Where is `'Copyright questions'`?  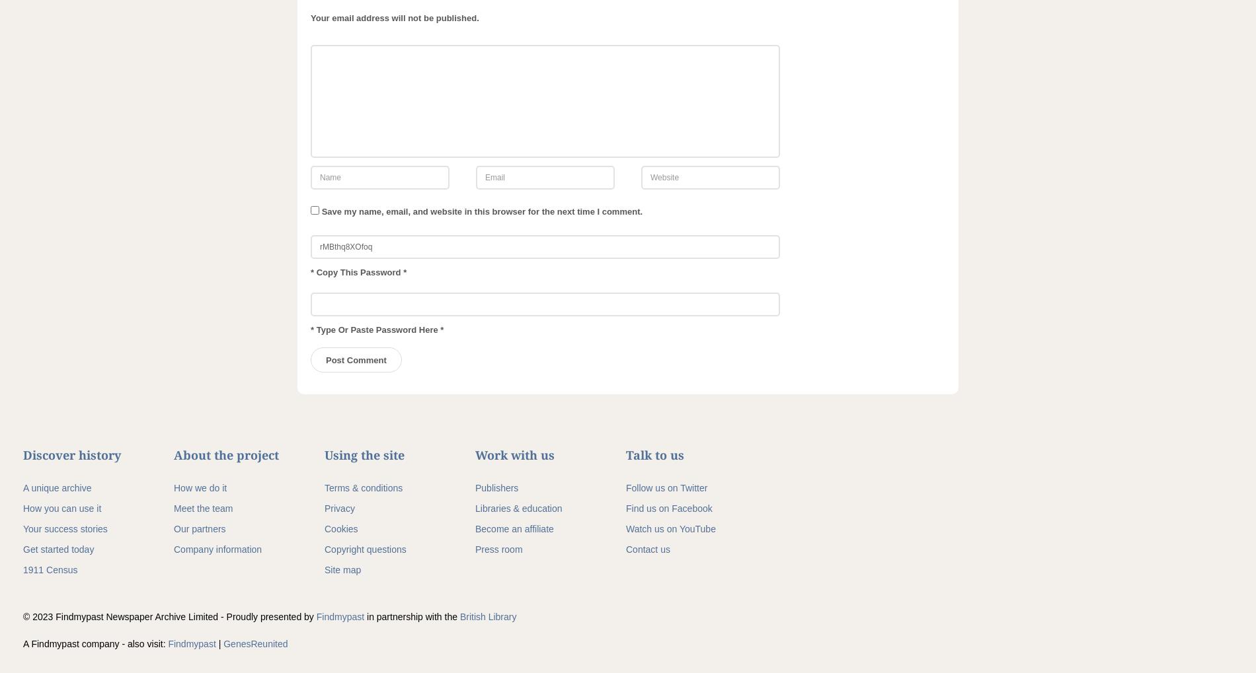 'Copyright questions' is located at coordinates (365, 548).